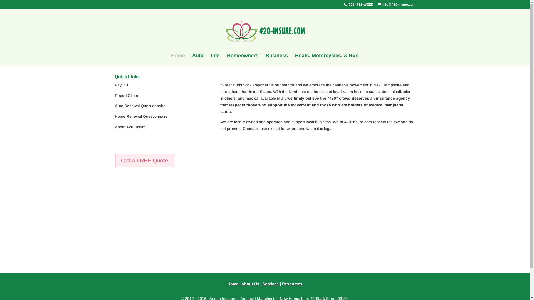 The height and width of the screenshot is (300, 534). I want to click on 'Auto', so click(197, 59).